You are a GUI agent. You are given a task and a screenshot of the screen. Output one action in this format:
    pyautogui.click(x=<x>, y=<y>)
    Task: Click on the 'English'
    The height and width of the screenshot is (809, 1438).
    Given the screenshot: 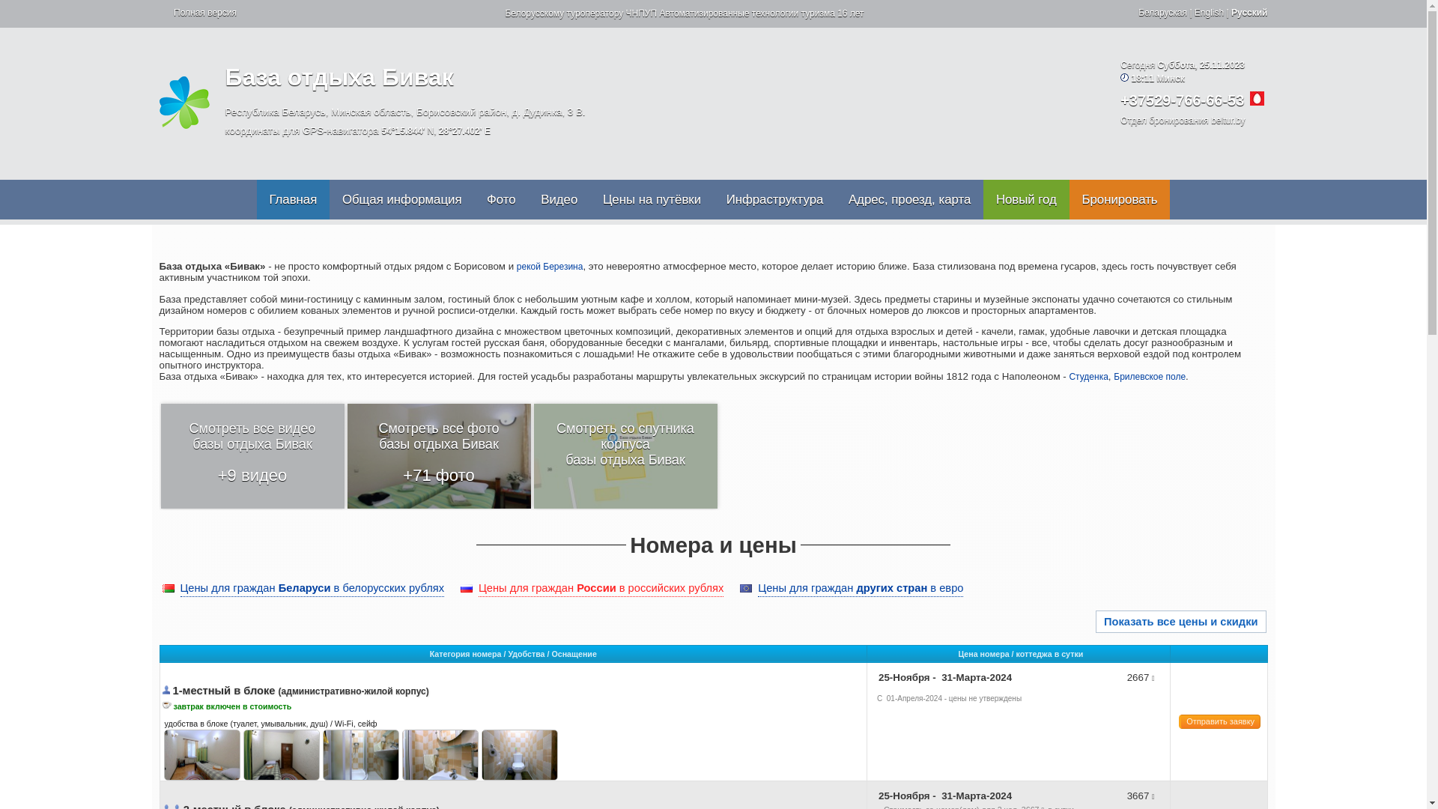 What is the action you would take?
    pyautogui.click(x=1193, y=12)
    